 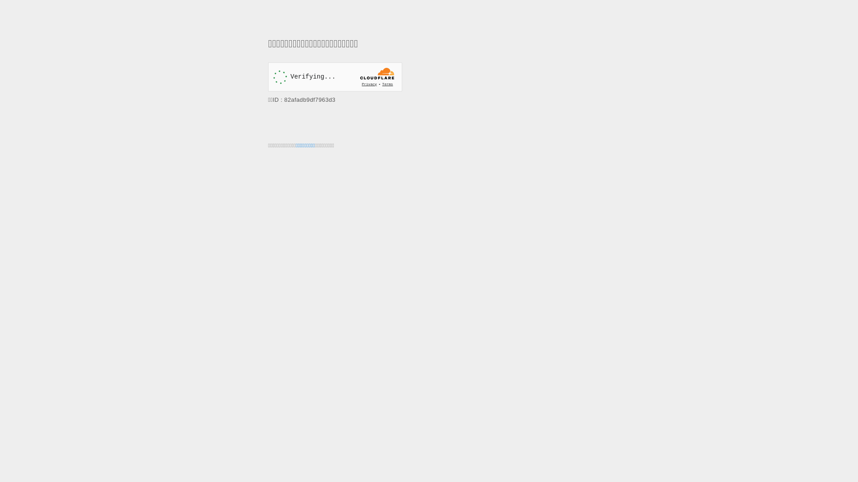 What do you see at coordinates (334, 76) in the screenshot?
I see `'Widget containing a Cloudflare security challenge'` at bounding box center [334, 76].